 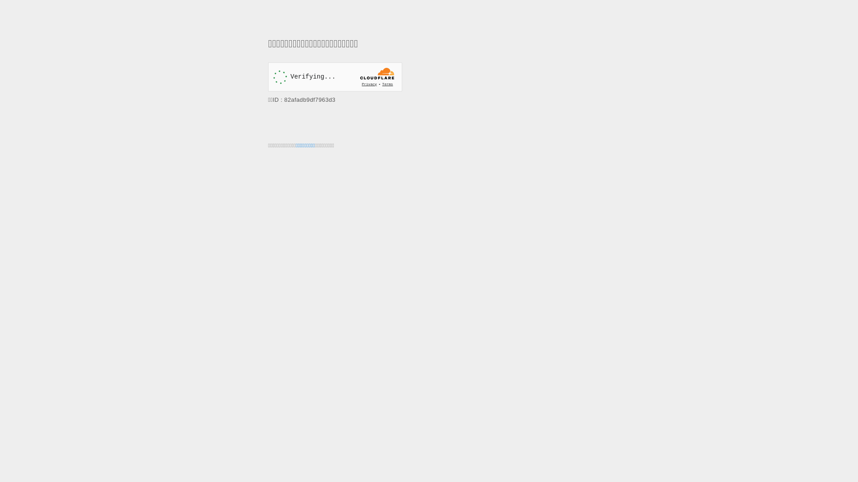 What do you see at coordinates (334, 76) in the screenshot?
I see `'Widget containing a Cloudflare security challenge'` at bounding box center [334, 76].